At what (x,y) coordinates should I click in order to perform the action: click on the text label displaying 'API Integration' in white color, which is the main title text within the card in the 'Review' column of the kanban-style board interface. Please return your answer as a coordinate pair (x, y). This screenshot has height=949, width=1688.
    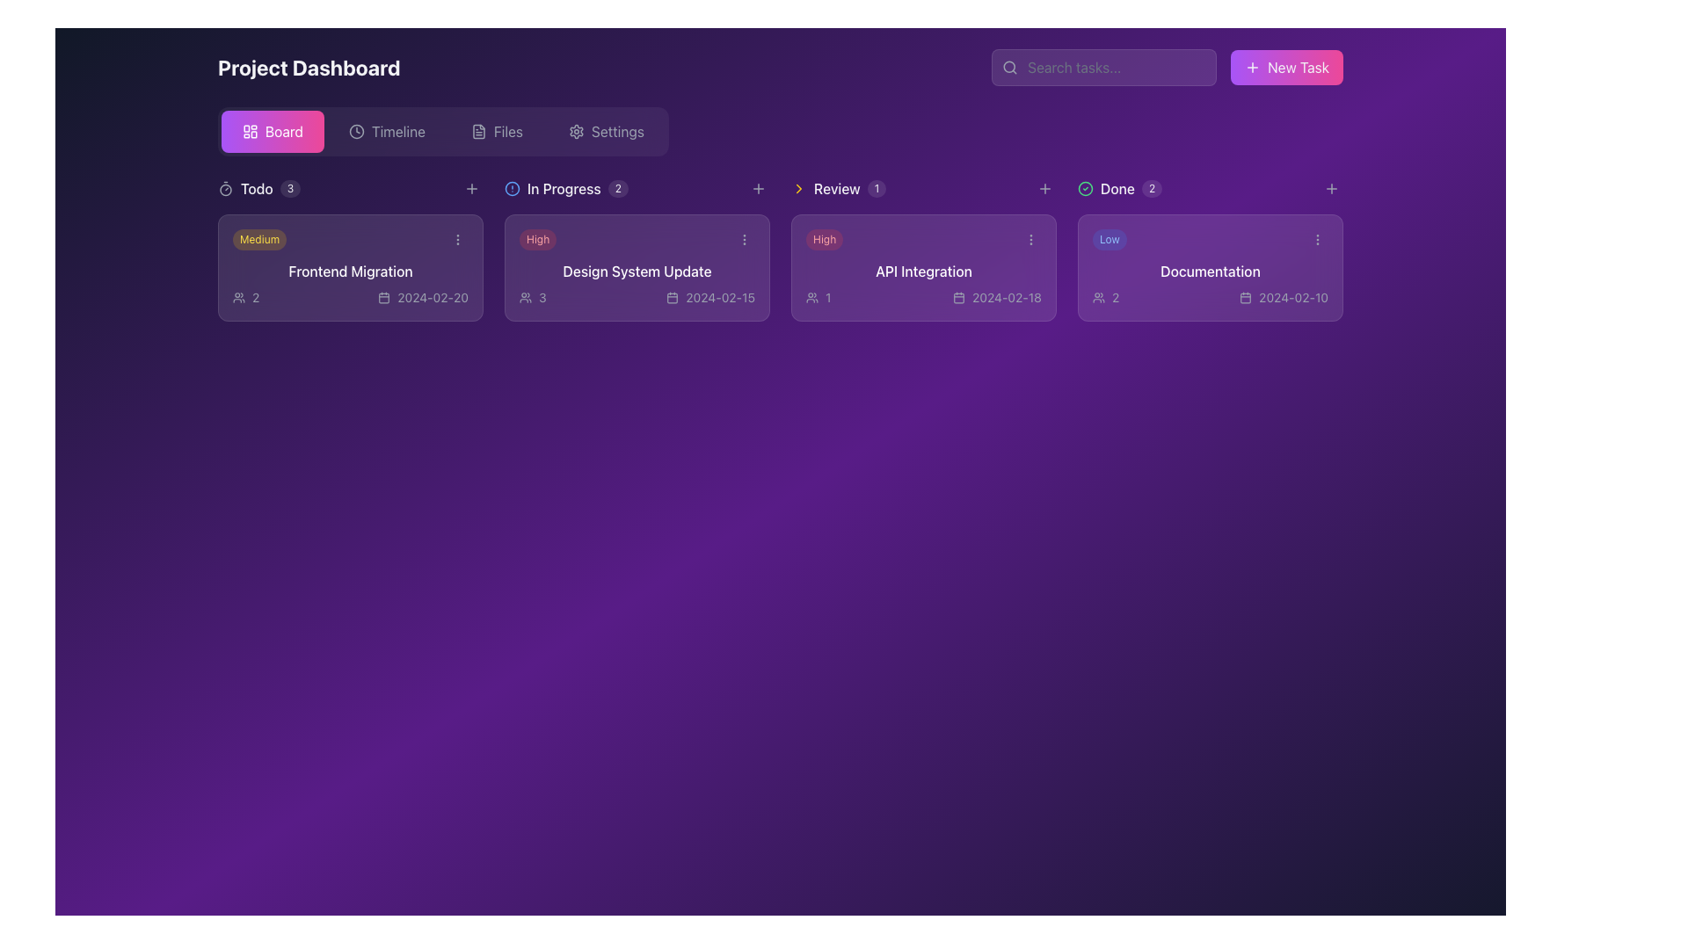
    Looking at the image, I should click on (923, 271).